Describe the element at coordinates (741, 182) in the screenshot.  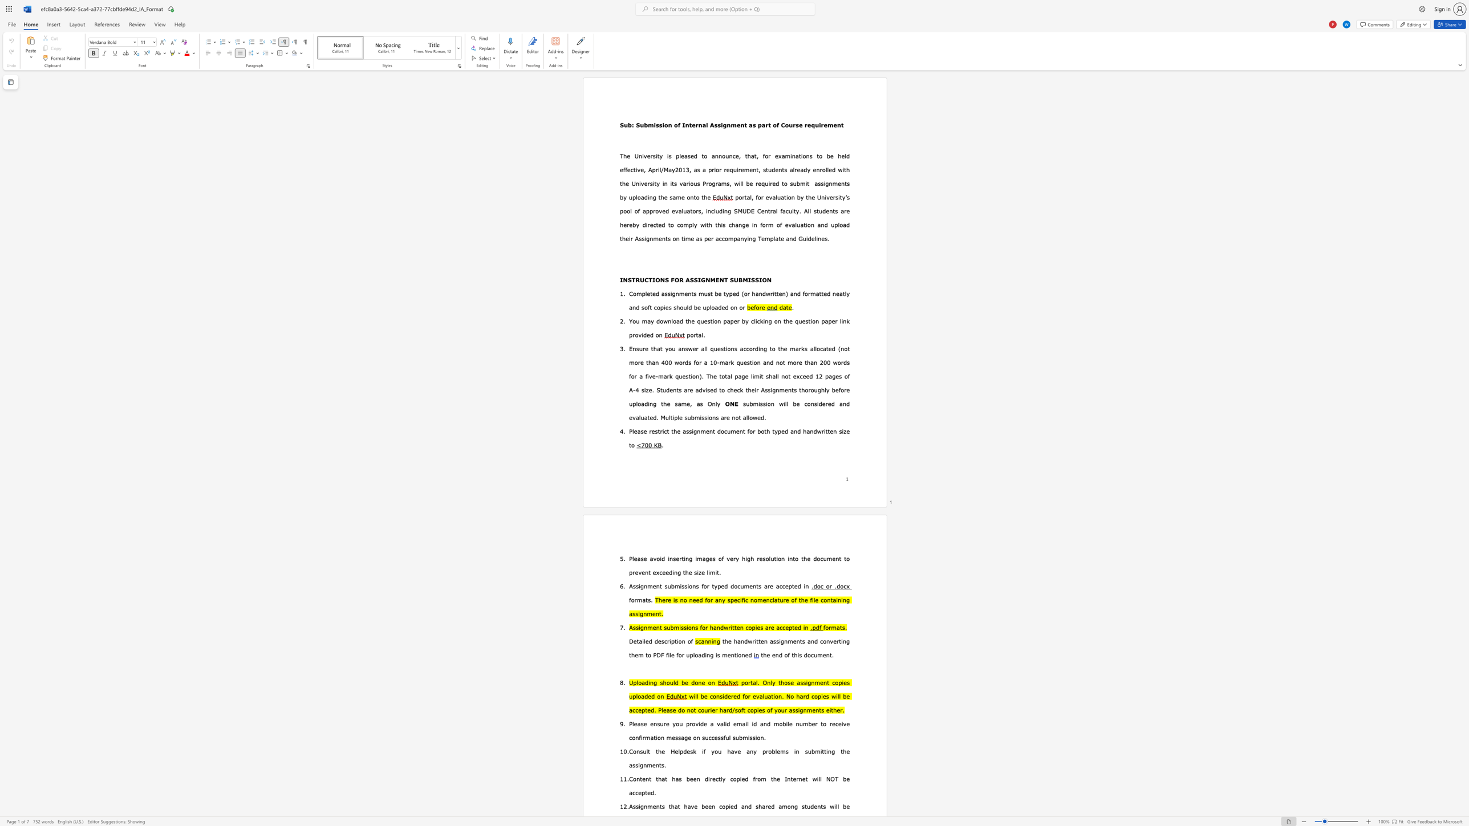
I see `the subset text "l be re" within the text "will be required to"` at that location.